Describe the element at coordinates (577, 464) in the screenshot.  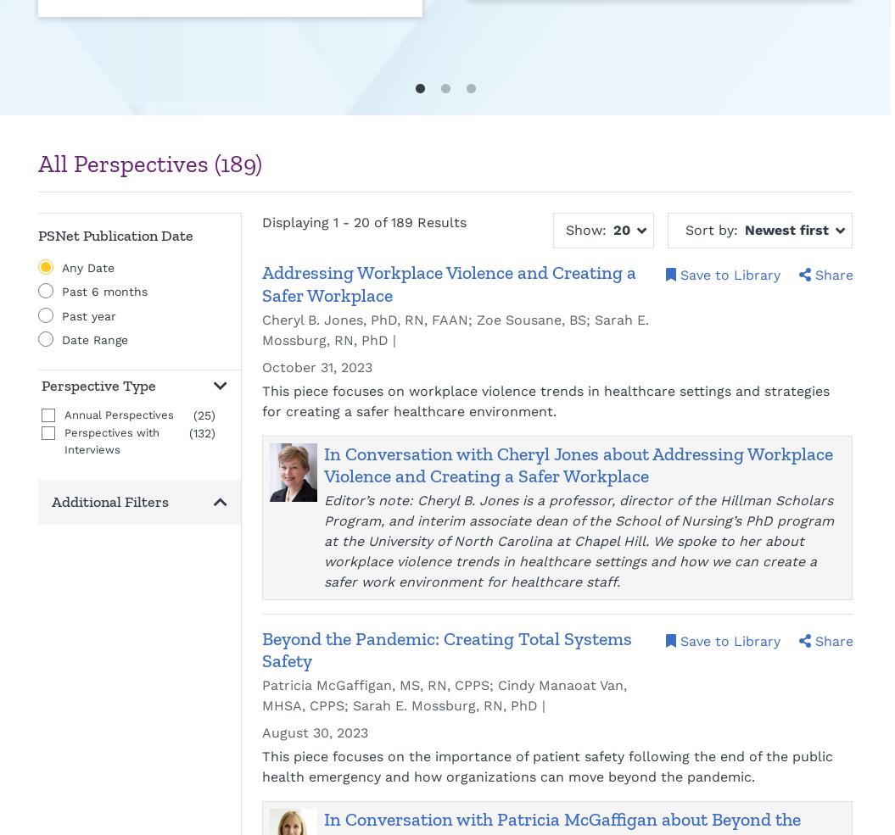
I see `'In Conversation with Cheryl Jones about Addressing Workplace Violence and Creating a Safer Workplace'` at that location.